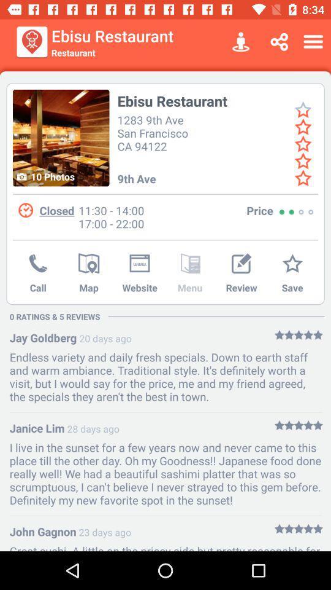 This screenshot has height=590, width=331. What do you see at coordinates (154, 132) in the screenshot?
I see `the icon below the ebisu restaurant icon` at bounding box center [154, 132].